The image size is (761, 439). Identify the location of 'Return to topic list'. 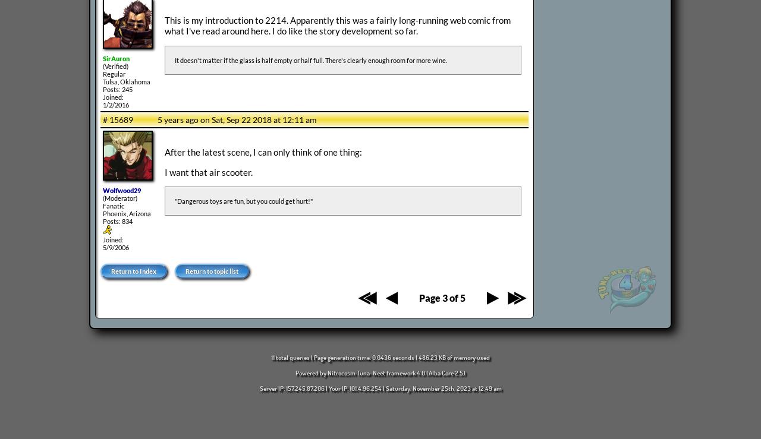
(212, 271).